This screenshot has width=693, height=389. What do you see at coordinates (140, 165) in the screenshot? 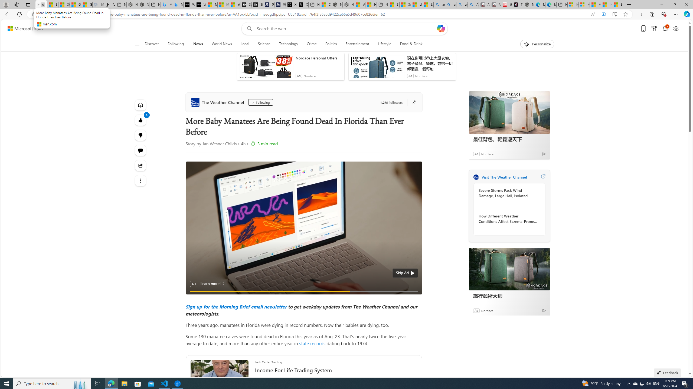
I see `'Share this story'` at bounding box center [140, 165].